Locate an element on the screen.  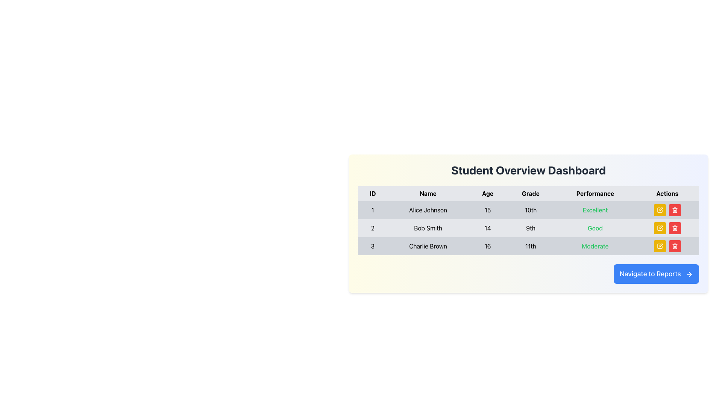
the text label displaying the number '1', which is styled in black text within a light gray row in the student information grid, located under the 'ID' column header is located at coordinates (373, 210).